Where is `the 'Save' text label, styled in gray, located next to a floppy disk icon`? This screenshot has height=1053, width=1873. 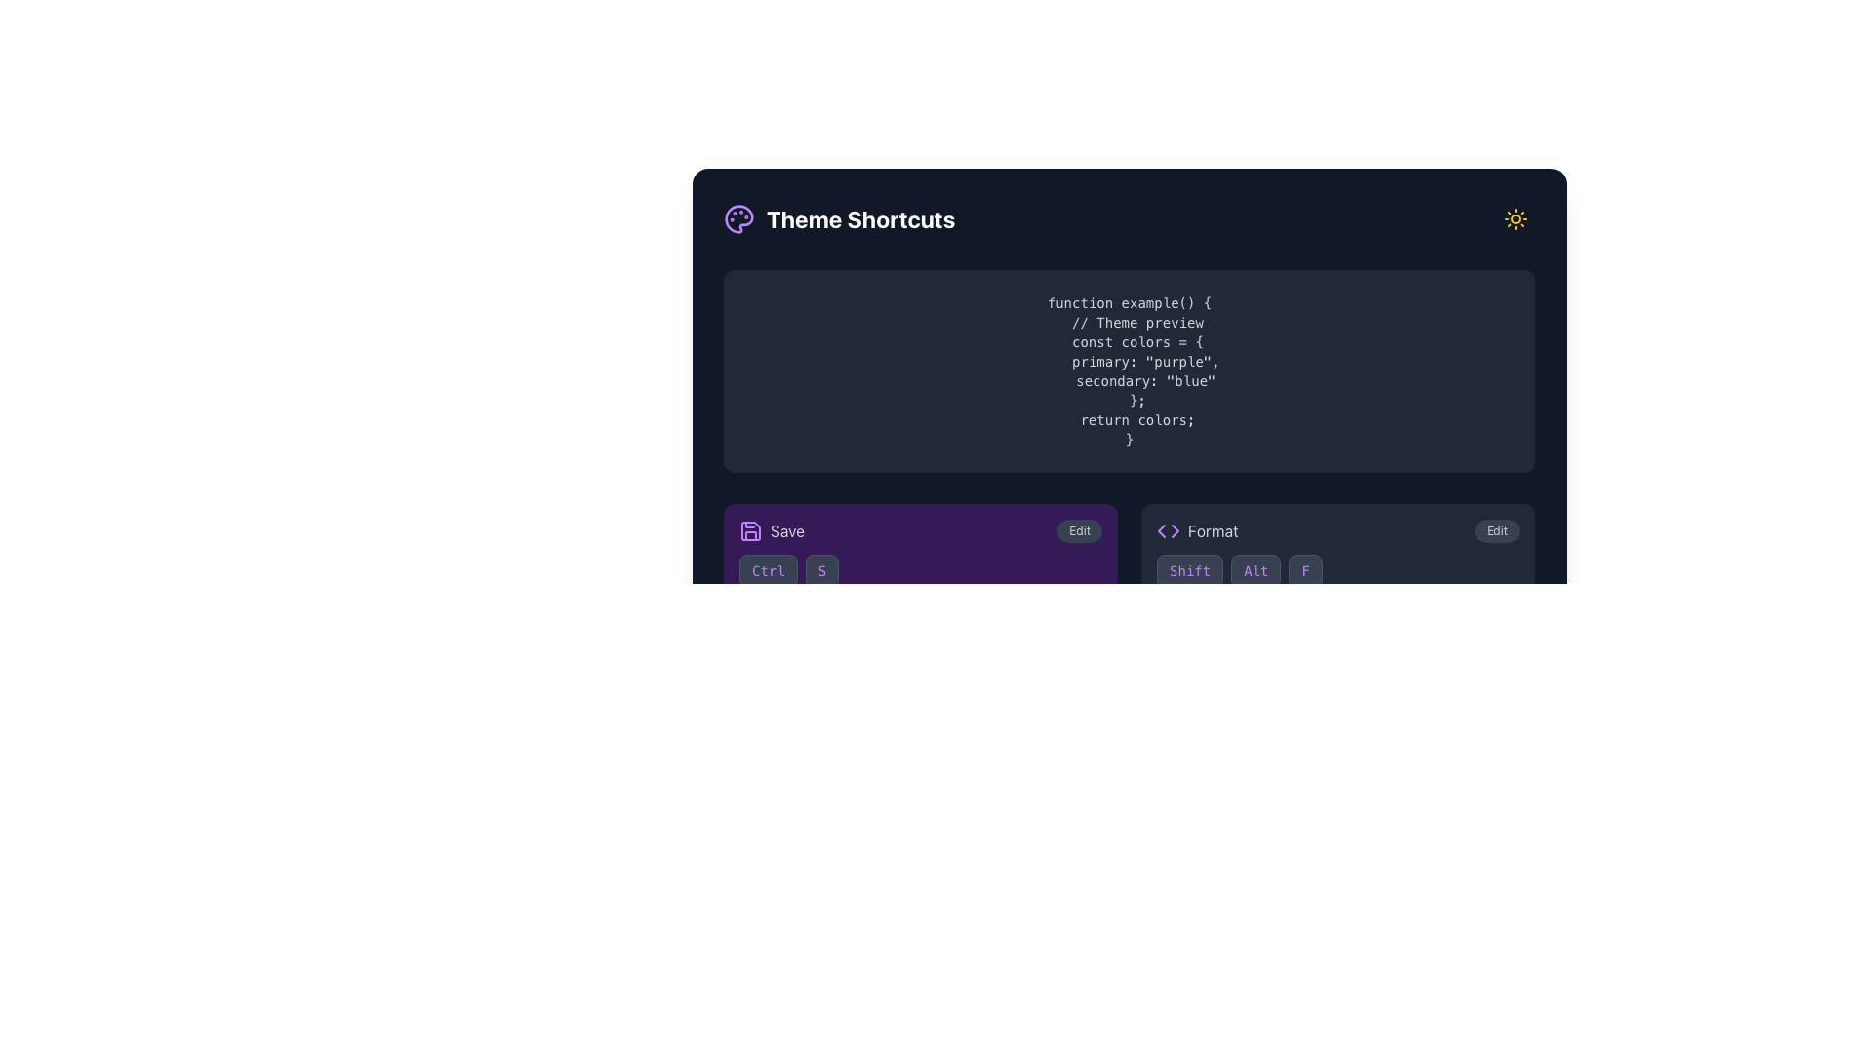
the 'Save' text label, styled in gray, located next to a floppy disk icon is located at coordinates (787, 530).